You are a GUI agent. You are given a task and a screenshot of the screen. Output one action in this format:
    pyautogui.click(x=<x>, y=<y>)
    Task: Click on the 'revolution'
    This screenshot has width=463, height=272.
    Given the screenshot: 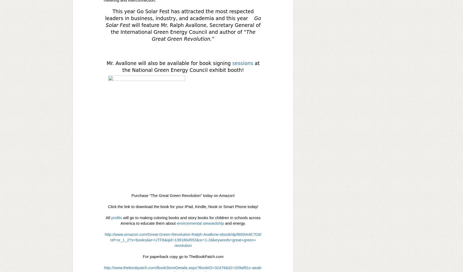 What is the action you would take?
    pyautogui.click(x=174, y=245)
    